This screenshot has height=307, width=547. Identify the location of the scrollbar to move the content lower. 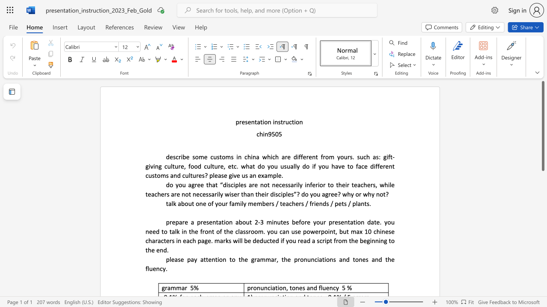
(542, 281).